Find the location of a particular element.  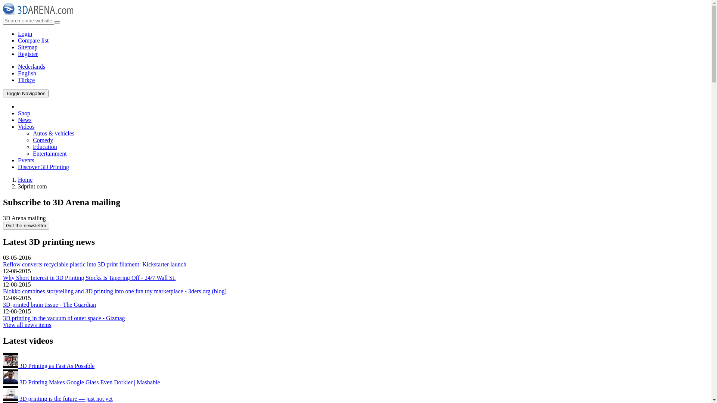

'News' is located at coordinates (25, 119).